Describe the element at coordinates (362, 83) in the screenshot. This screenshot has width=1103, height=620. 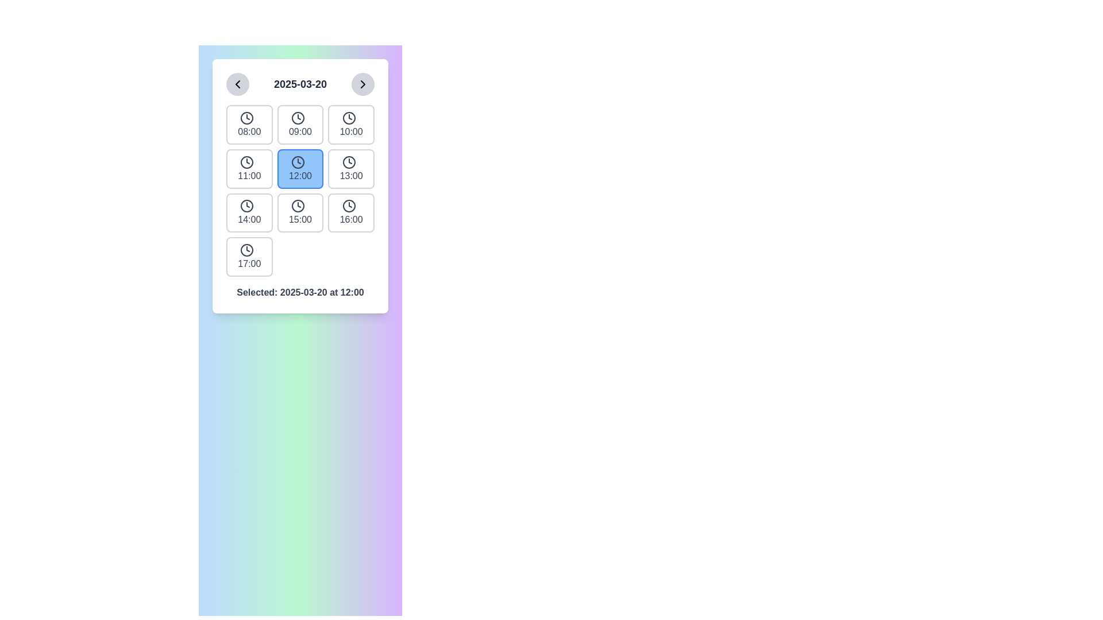
I see `the Chevron icon in the top-right corner of the header, adjacent to the date label '2025-03-20'` at that location.